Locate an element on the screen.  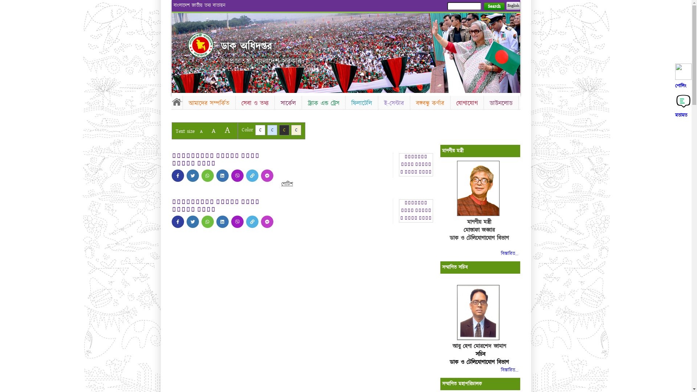
'A' is located at coordinates (201, 131).